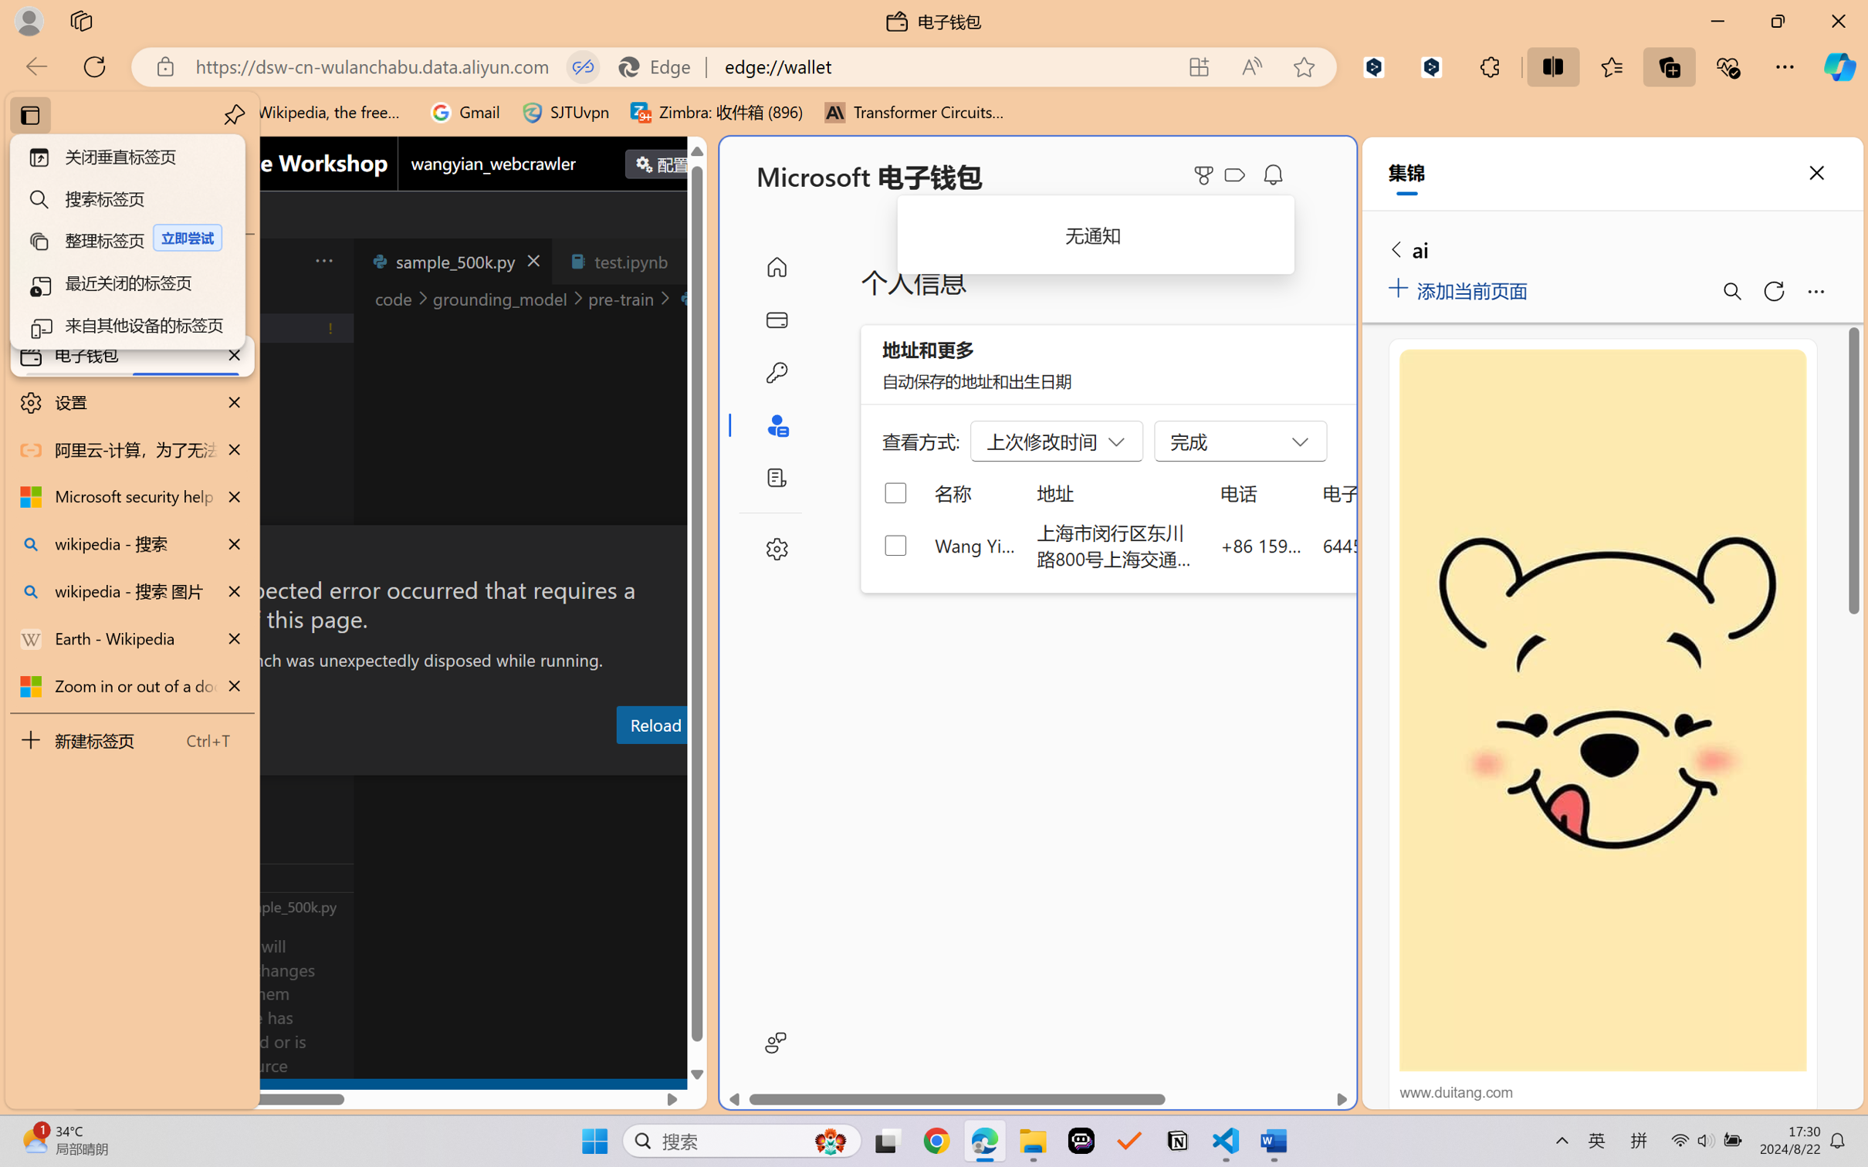  What do you see at coordinates (914, 112) in the screenshot?
I see `'Transformer Circuits Thread'` at bounding box center [914, 112].